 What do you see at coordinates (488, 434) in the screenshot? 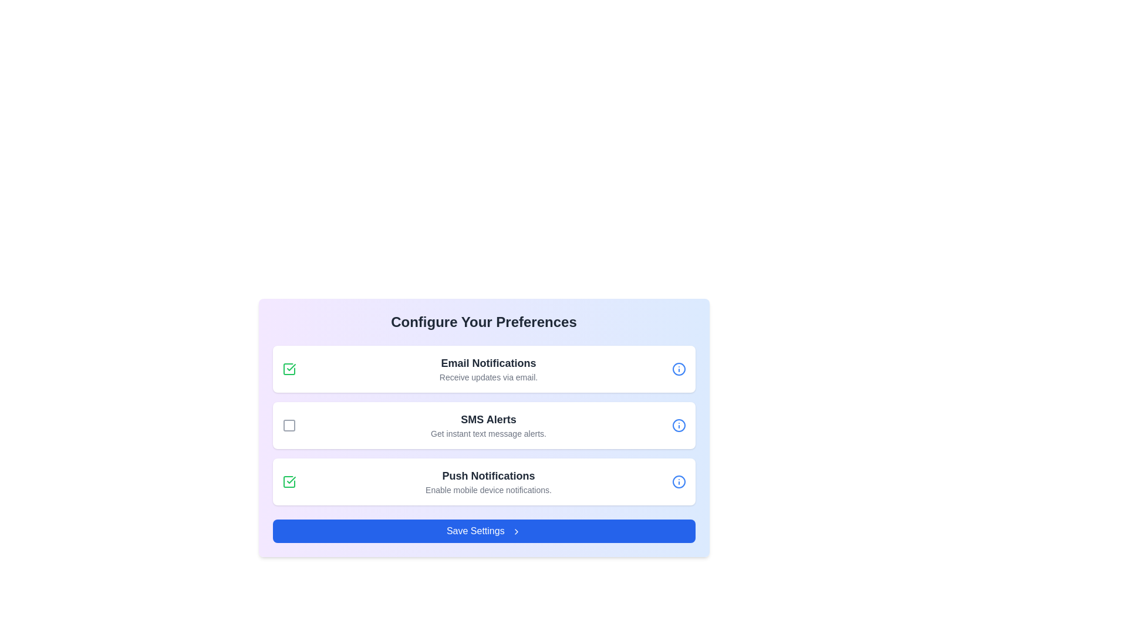
I see `the static text element that displays 'Get instant text message alerts.' located beneath the heading 'SMS Alerts'` at bounding box center [488, 434].